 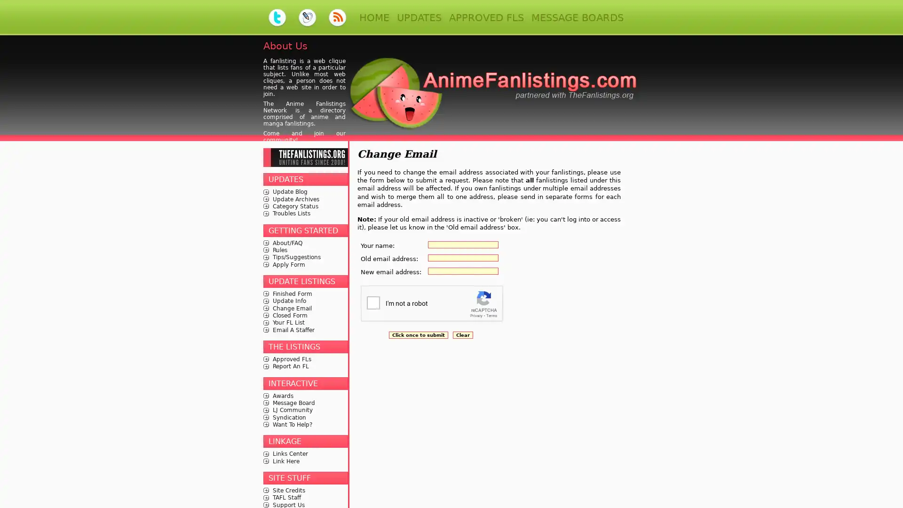 I want to click on Clear, so click(x=462, y=334).